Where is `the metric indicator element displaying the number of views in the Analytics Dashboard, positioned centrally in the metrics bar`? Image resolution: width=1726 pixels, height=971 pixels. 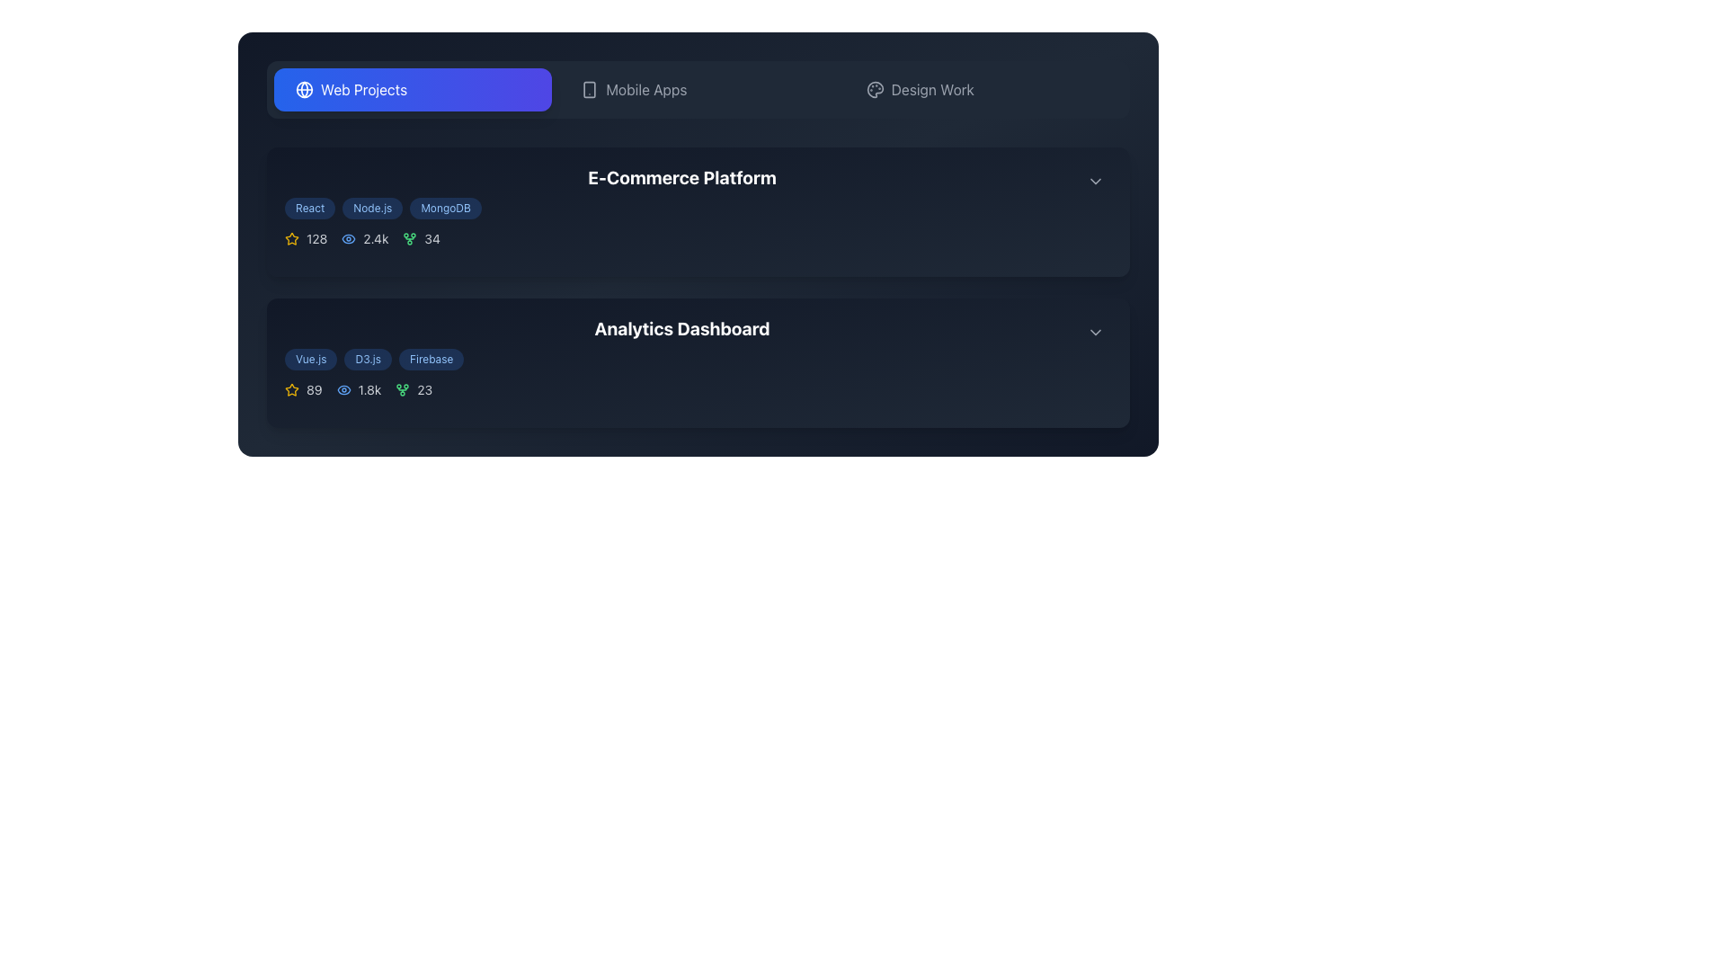 the metric indicator element displaying the number of views in the Analytics Dashboard, positioned centrally in the metrics bar is located at coordinates (359, 389).